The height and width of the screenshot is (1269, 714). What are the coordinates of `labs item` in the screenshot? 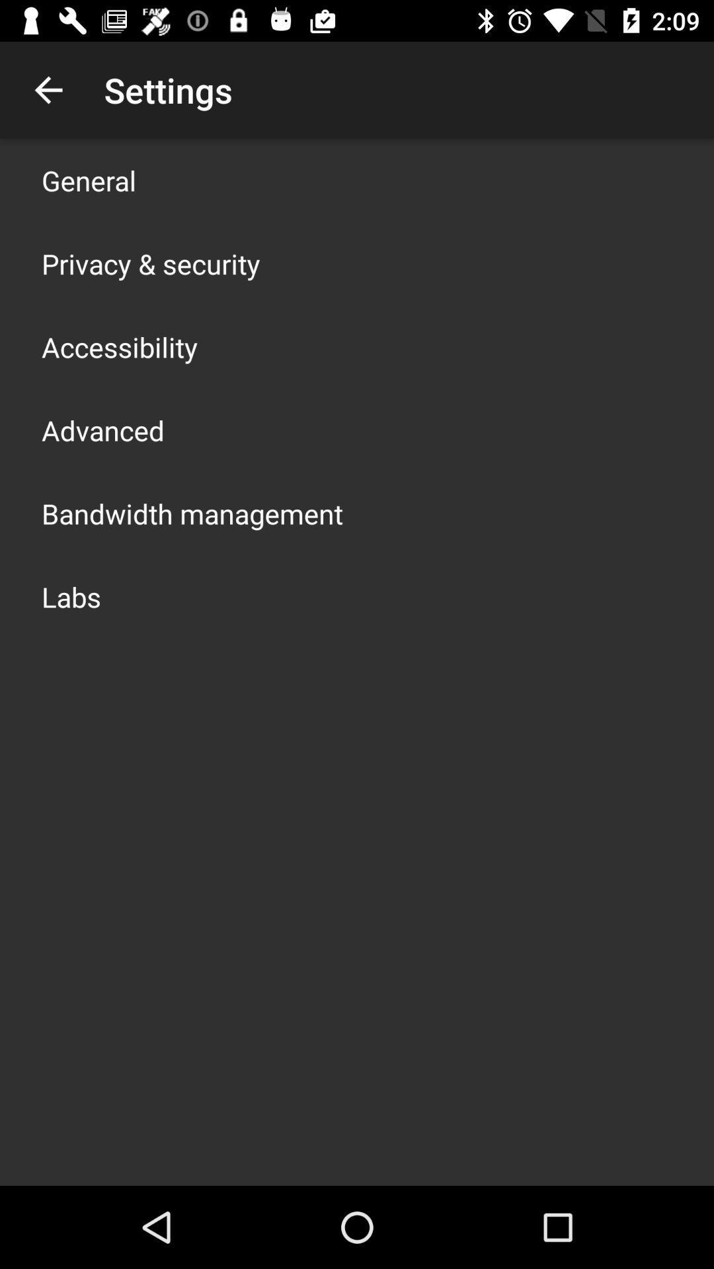 It's located at (71, 596).